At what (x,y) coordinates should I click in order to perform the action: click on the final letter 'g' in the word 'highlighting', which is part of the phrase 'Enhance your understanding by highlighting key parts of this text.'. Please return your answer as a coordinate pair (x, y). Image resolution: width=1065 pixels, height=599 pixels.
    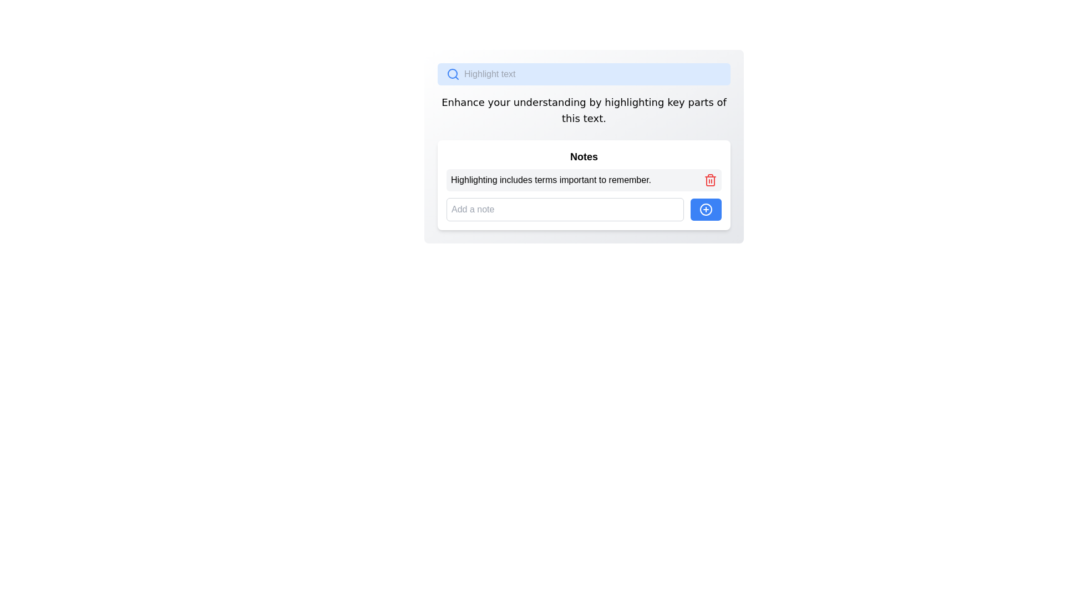
    Looking at the image, I should click on (647, 102).